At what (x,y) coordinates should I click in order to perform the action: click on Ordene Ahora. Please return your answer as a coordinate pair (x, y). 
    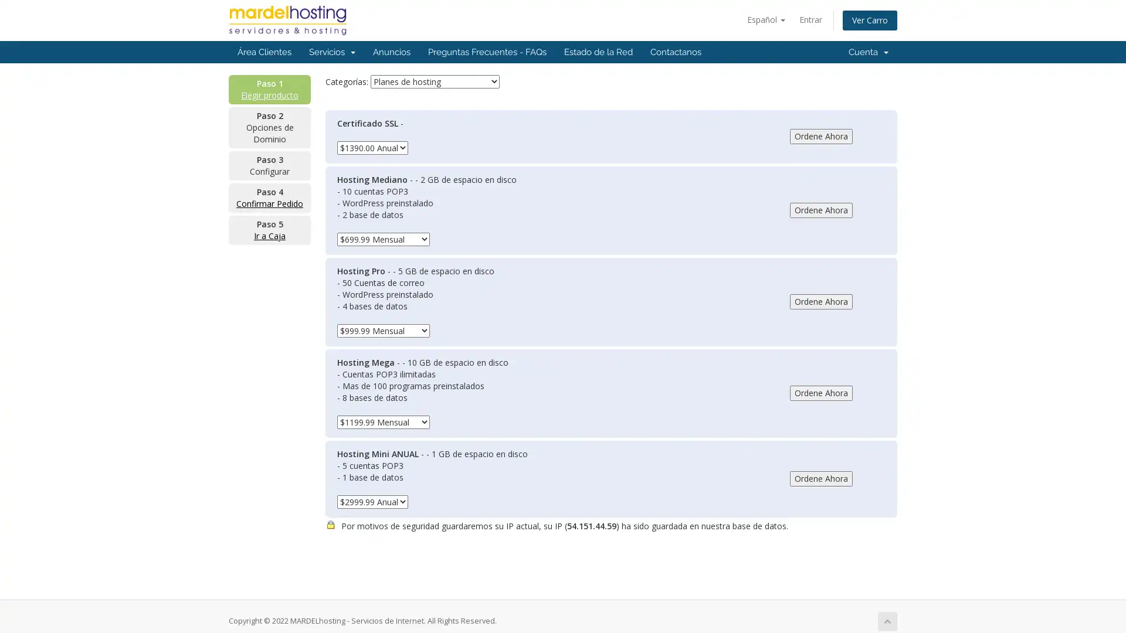
    Looking at the image, I should click on (820, 300).